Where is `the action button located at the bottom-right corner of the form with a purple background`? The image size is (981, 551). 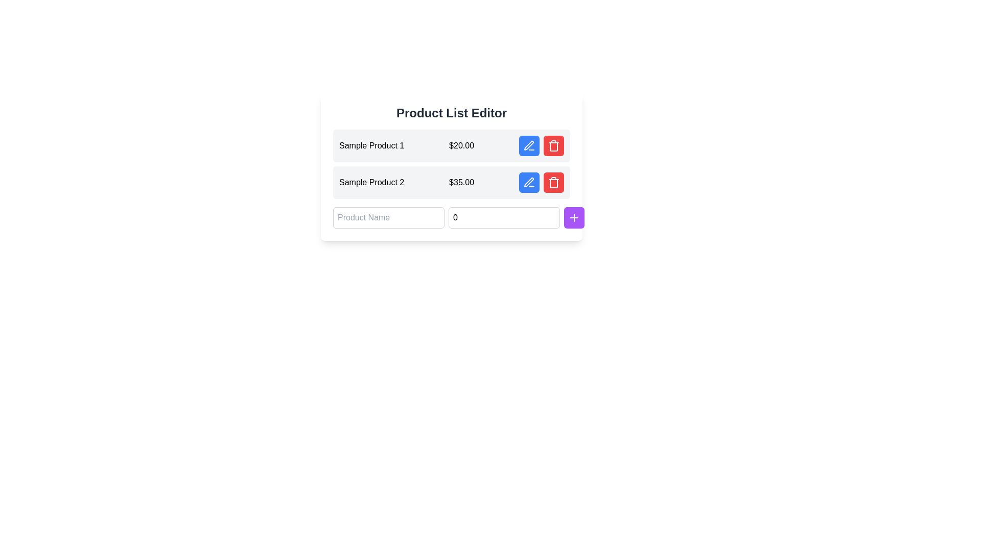
the action button located at the bottom-right corner of the form with a purple background is located at coordinates (574, 217).